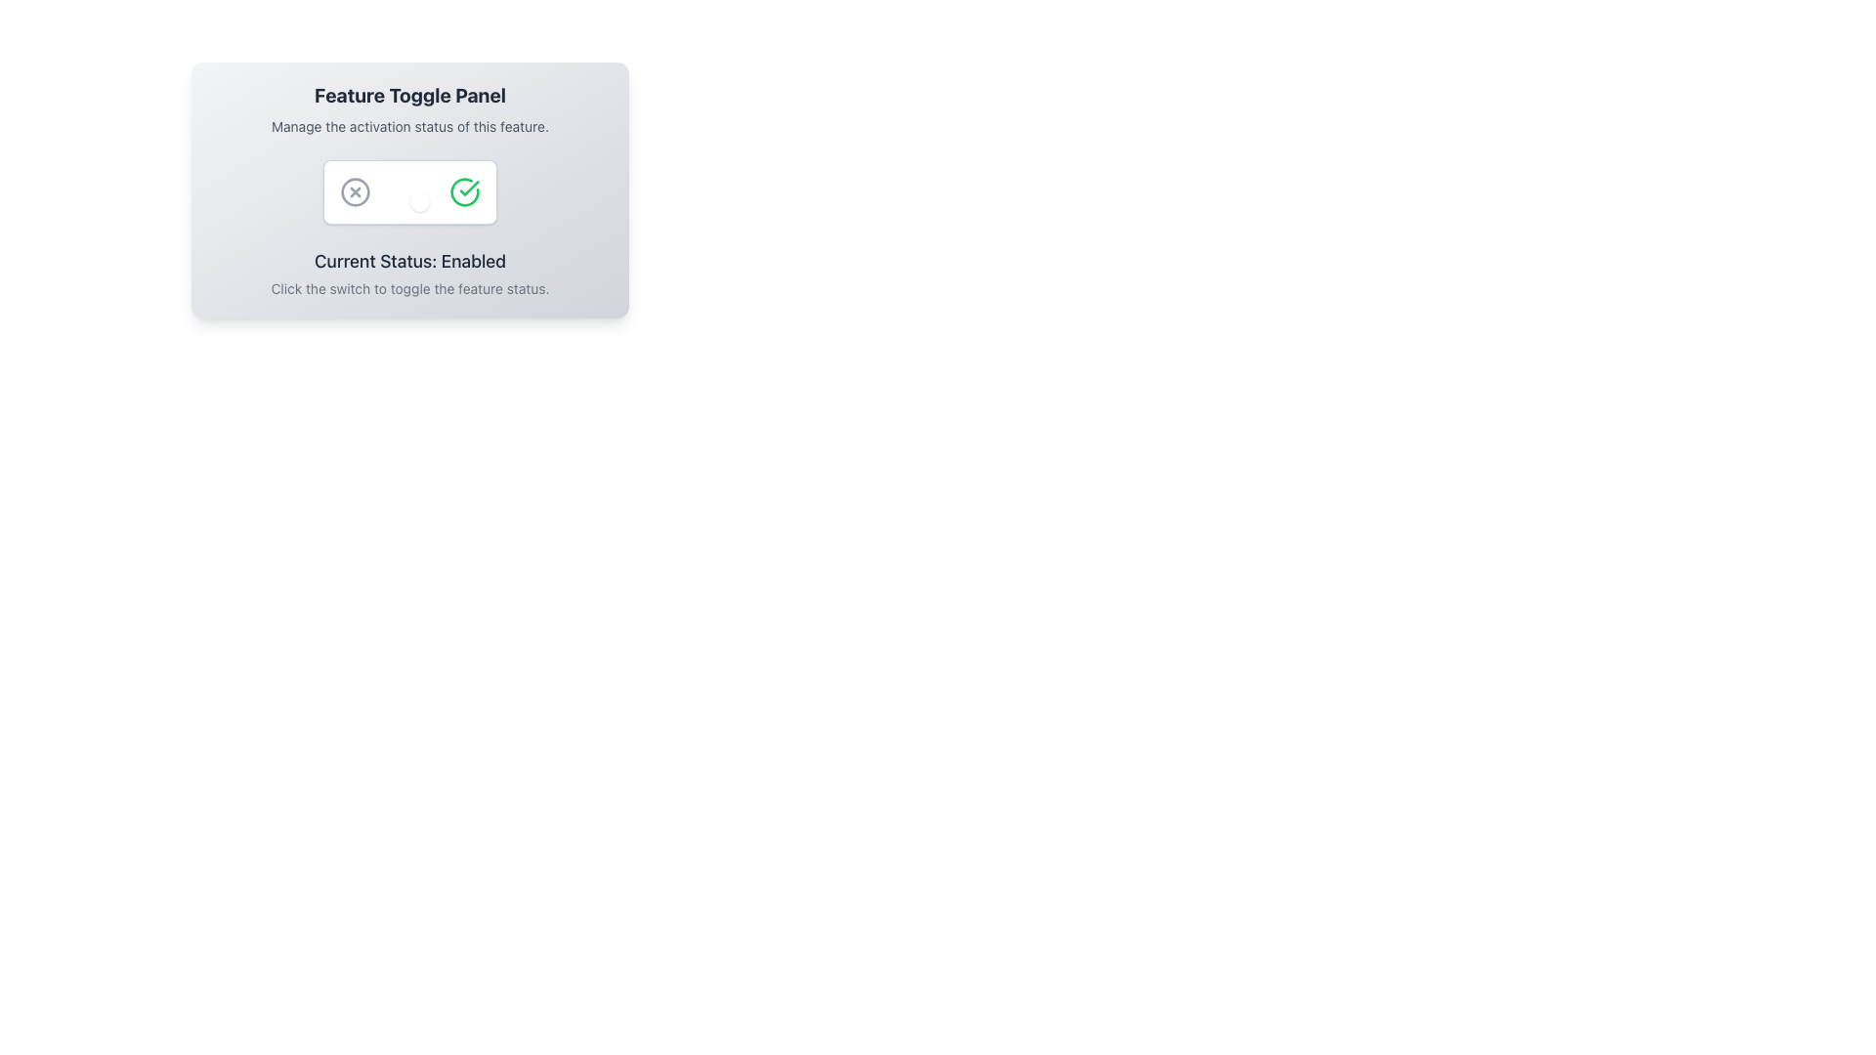 This screenshot has height=1055, width=1876. Describe the element at coordinates (409, 190) in the screenshot. I see `the interactive toggle control in the Feature Toggle Panel to change its state` at that location.